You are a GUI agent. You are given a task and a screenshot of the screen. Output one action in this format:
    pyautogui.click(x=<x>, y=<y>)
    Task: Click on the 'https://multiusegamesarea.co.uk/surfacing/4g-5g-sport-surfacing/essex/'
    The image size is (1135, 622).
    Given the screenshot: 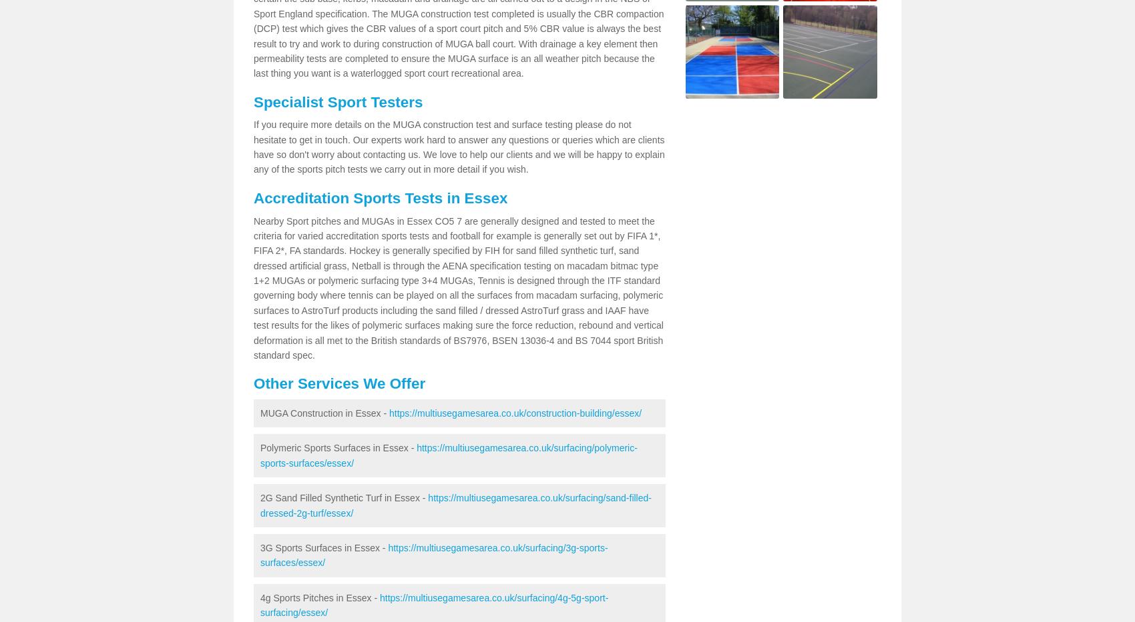 What is the action you would take?
    pyautogui.click(x=434, y=605)
    